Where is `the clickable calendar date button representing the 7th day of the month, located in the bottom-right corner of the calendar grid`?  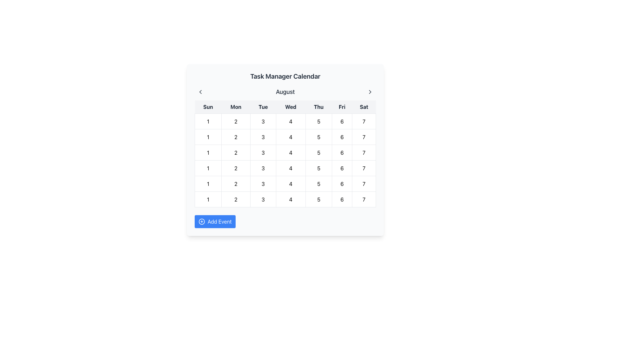 the clickable calendar date button representing the 7th day of the month, located in the bottom-right corner of the calendar grid is located at coordinates (364, 121).